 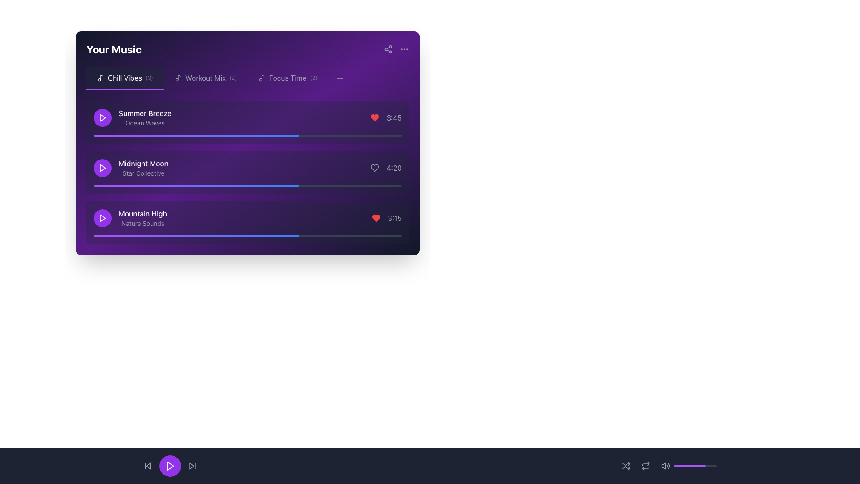 I want to click on the repeat button located as the third interactive control from the left within the playback bar at the bottom of the page, positioned between the shuffle icon and volume control, so click(x=645, y=466).